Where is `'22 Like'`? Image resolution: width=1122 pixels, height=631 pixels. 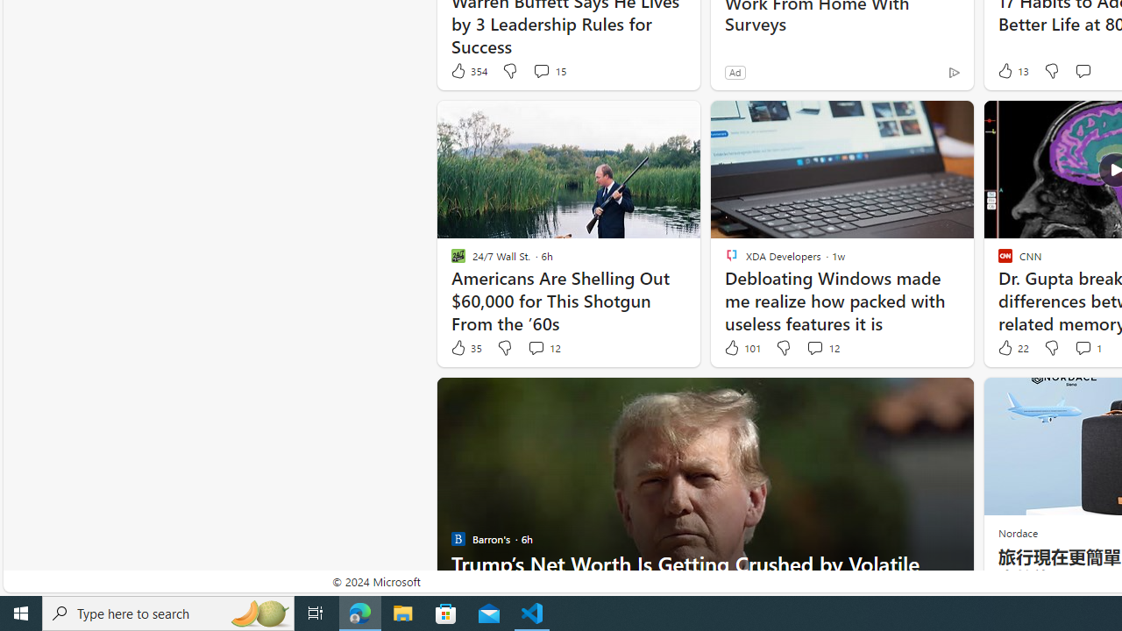 '22 Like' is located at coordinates (1012, 348).